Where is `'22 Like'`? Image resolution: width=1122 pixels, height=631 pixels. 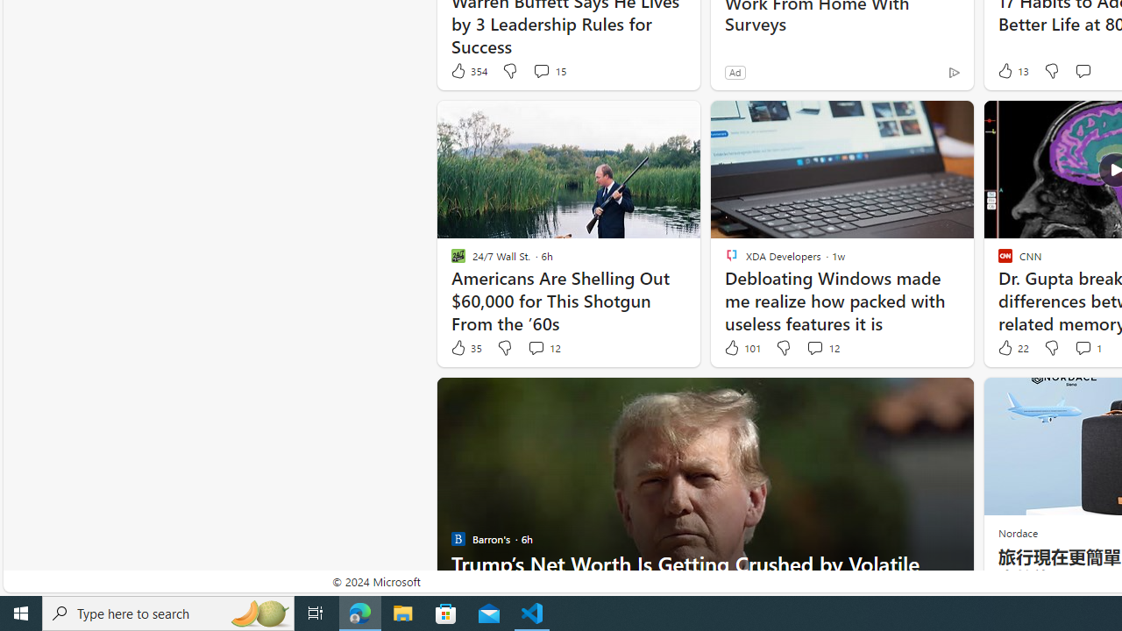 '22 Like' is located at coordinates (1012, 348).